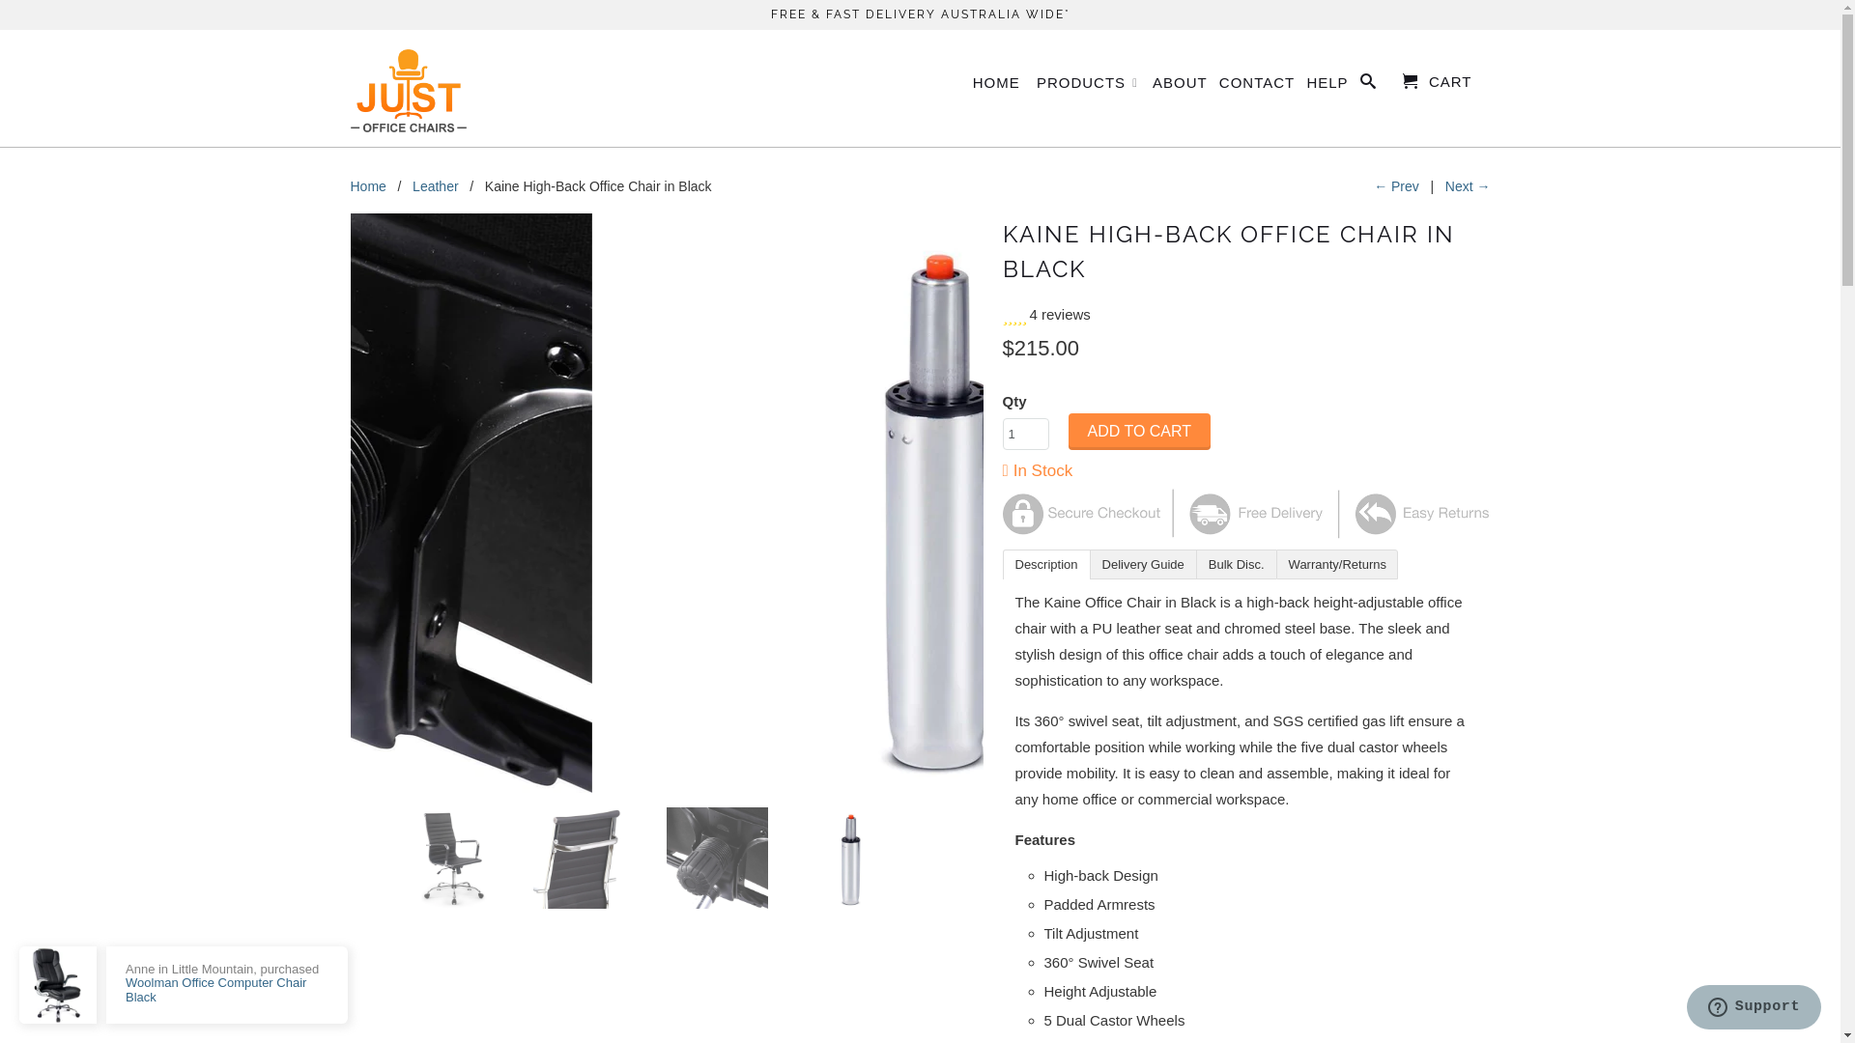  Describe the element at coordinates (1335, 564) in the screenshot. I see `'Warranty/Returns'` at that location.